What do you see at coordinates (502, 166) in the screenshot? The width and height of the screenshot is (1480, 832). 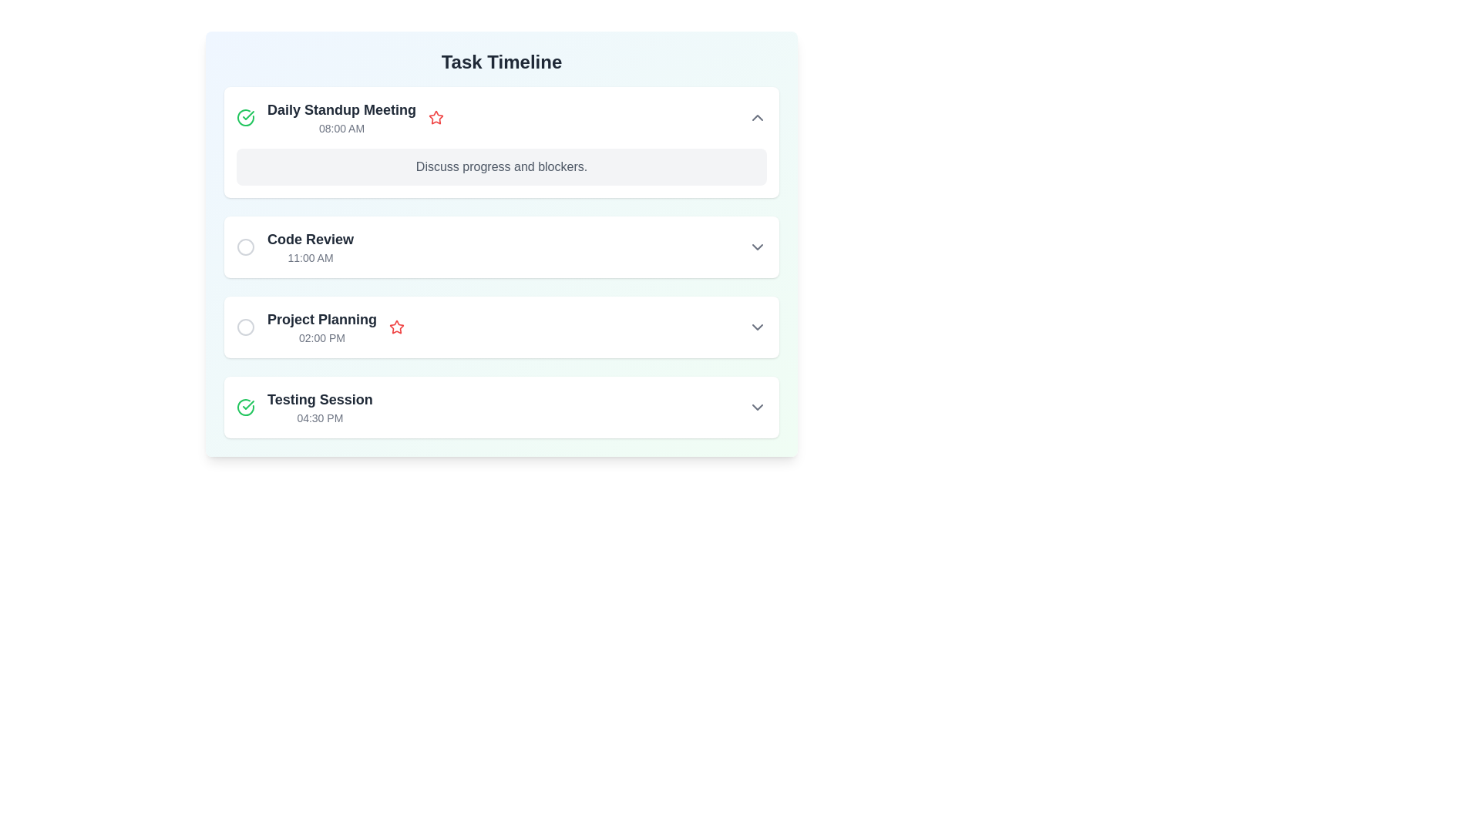 I see `text within the gray rounded box labeled 'Discuss progress and blockers.' located in the 'Daily Standup Meeting' section` at bounding box center [502, 166].